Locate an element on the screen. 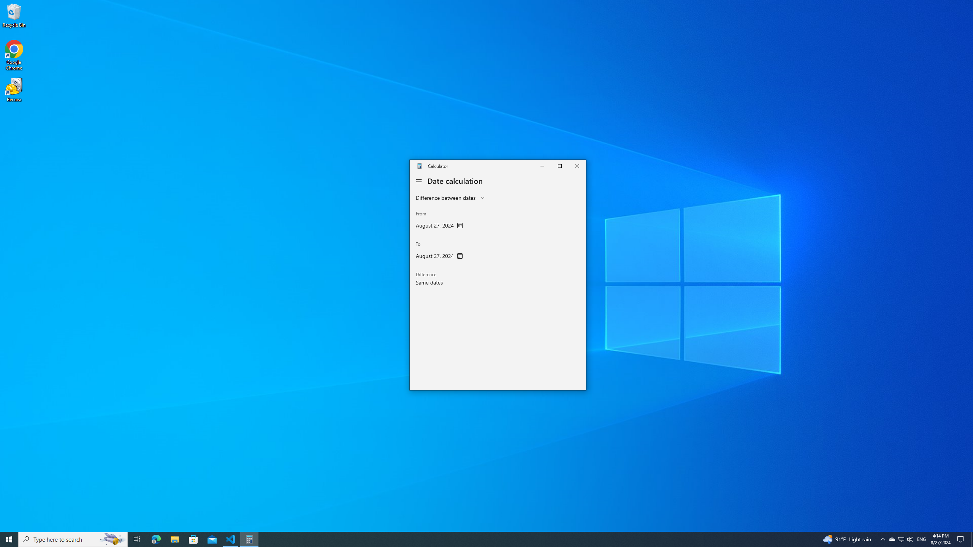 This screenshot has height=547, width=973. 'Microsoft Edge' is located at coordinates (155, 539).